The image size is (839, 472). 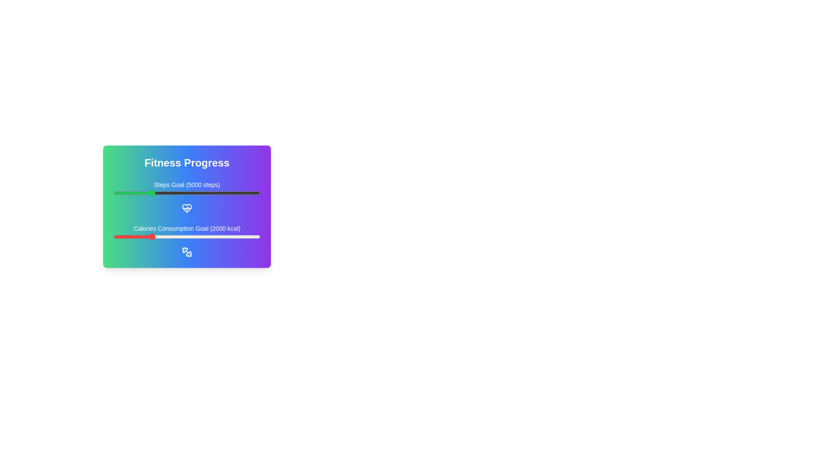 What do you see at coordinates (126, 237) in the screenshot?
I see `the calories goal` at bounding box center [126, 237].